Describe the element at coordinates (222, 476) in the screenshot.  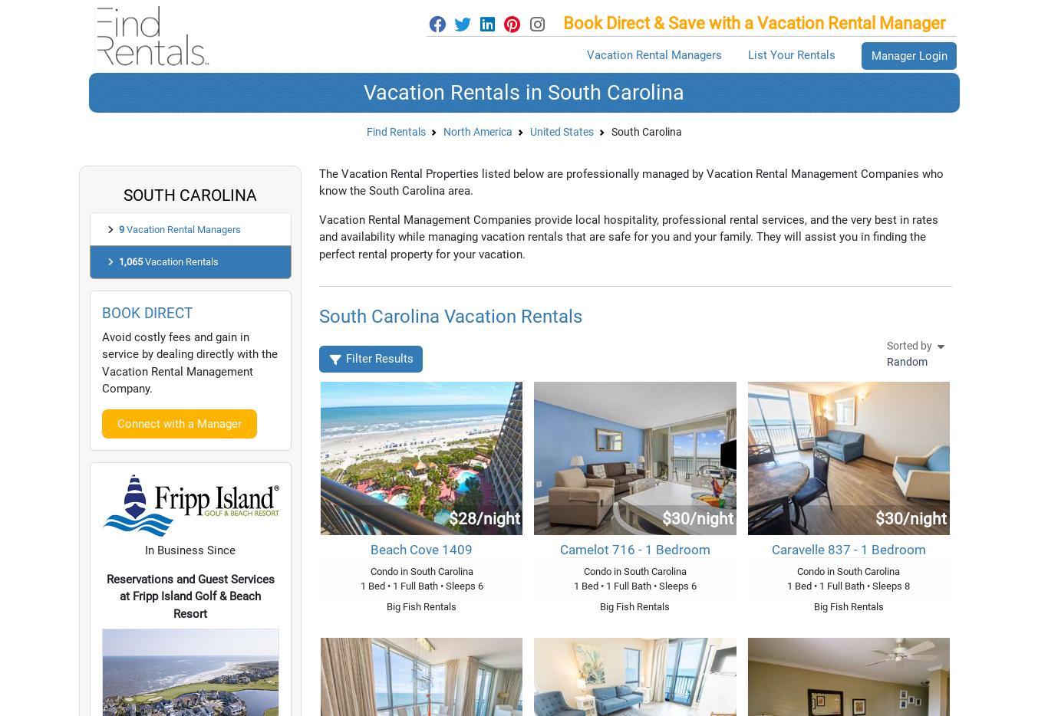
I see `'Homes
											: 209 rentals available'` at that location.